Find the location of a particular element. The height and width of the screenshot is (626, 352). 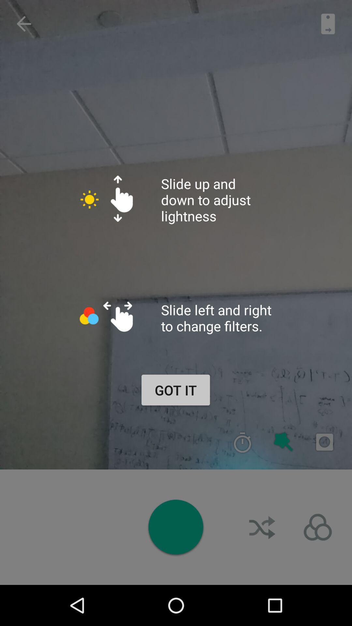

go back is located at coordinates (23, 24).